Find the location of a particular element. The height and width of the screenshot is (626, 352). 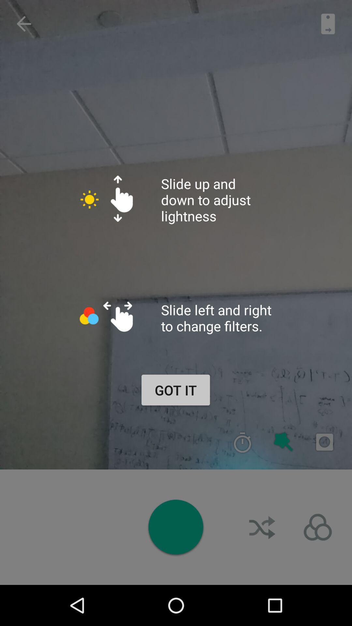

go back is located at coordinates (23, 24).